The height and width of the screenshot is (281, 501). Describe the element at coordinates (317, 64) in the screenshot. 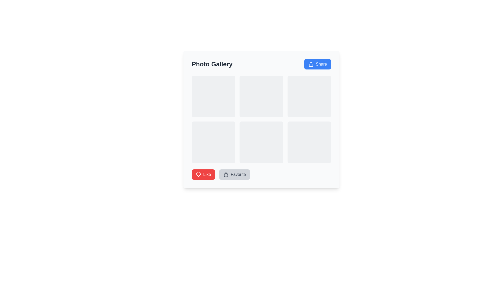

I see `the 'Share' button located in the upper right corner of the 'Photo Gallery' section` at that location.